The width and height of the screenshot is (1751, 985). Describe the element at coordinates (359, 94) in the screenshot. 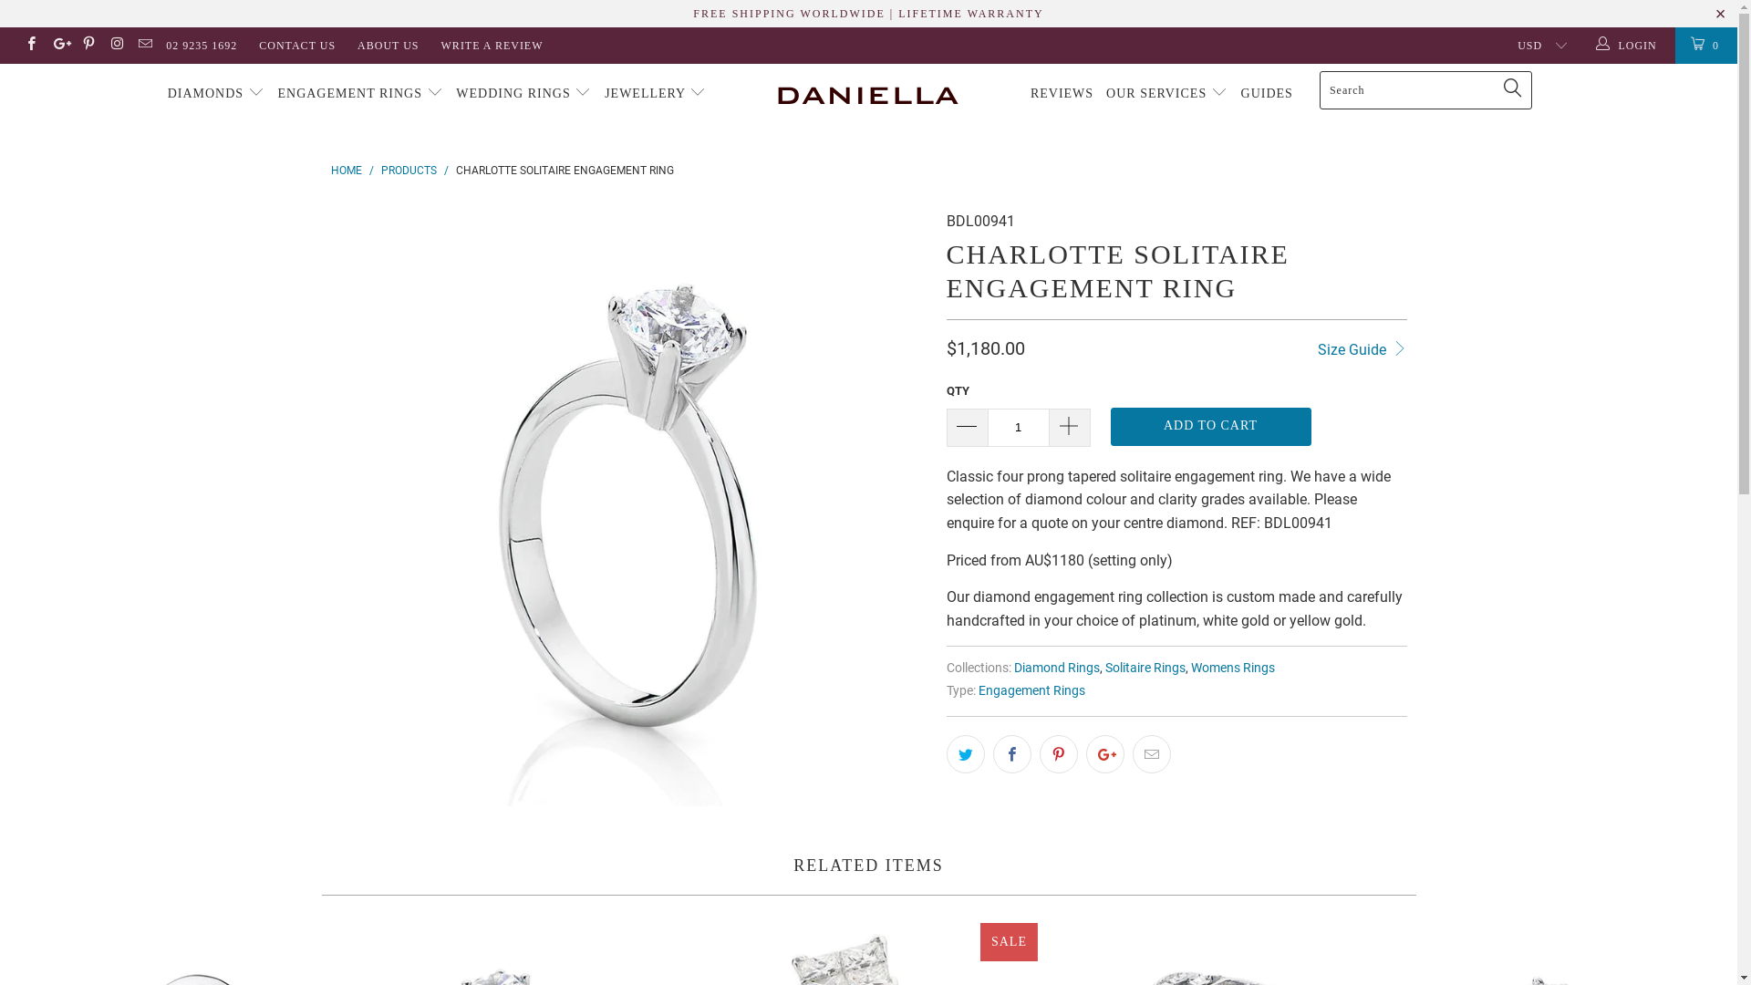

I see `'ENGAGEMENT RINGS'` at that location.